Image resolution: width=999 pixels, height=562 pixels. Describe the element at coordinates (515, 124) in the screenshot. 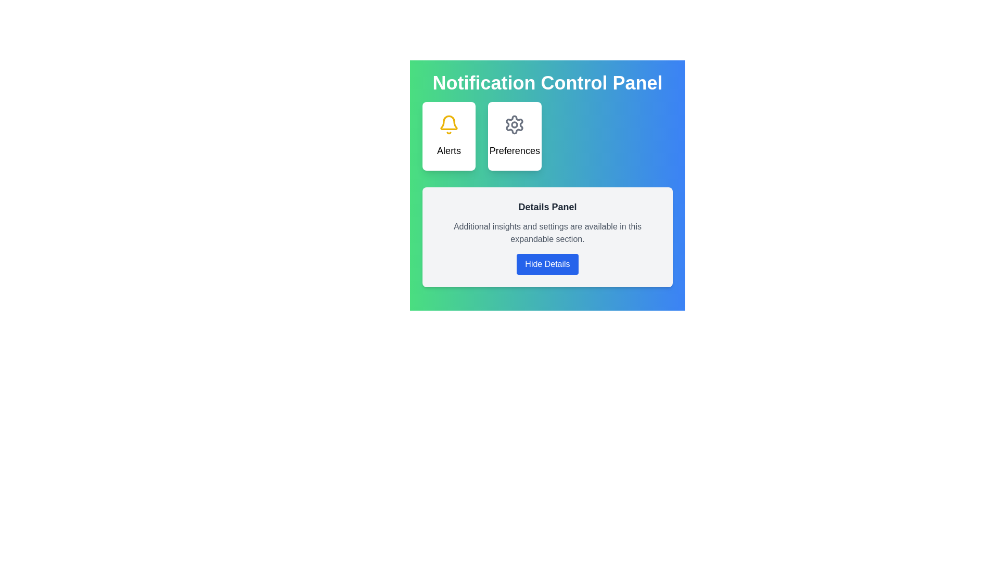

I see `the gear-shaped icon representing settings in the 'Preferences' section, which is positioned to the right of the 'Alerts' section` at that location.